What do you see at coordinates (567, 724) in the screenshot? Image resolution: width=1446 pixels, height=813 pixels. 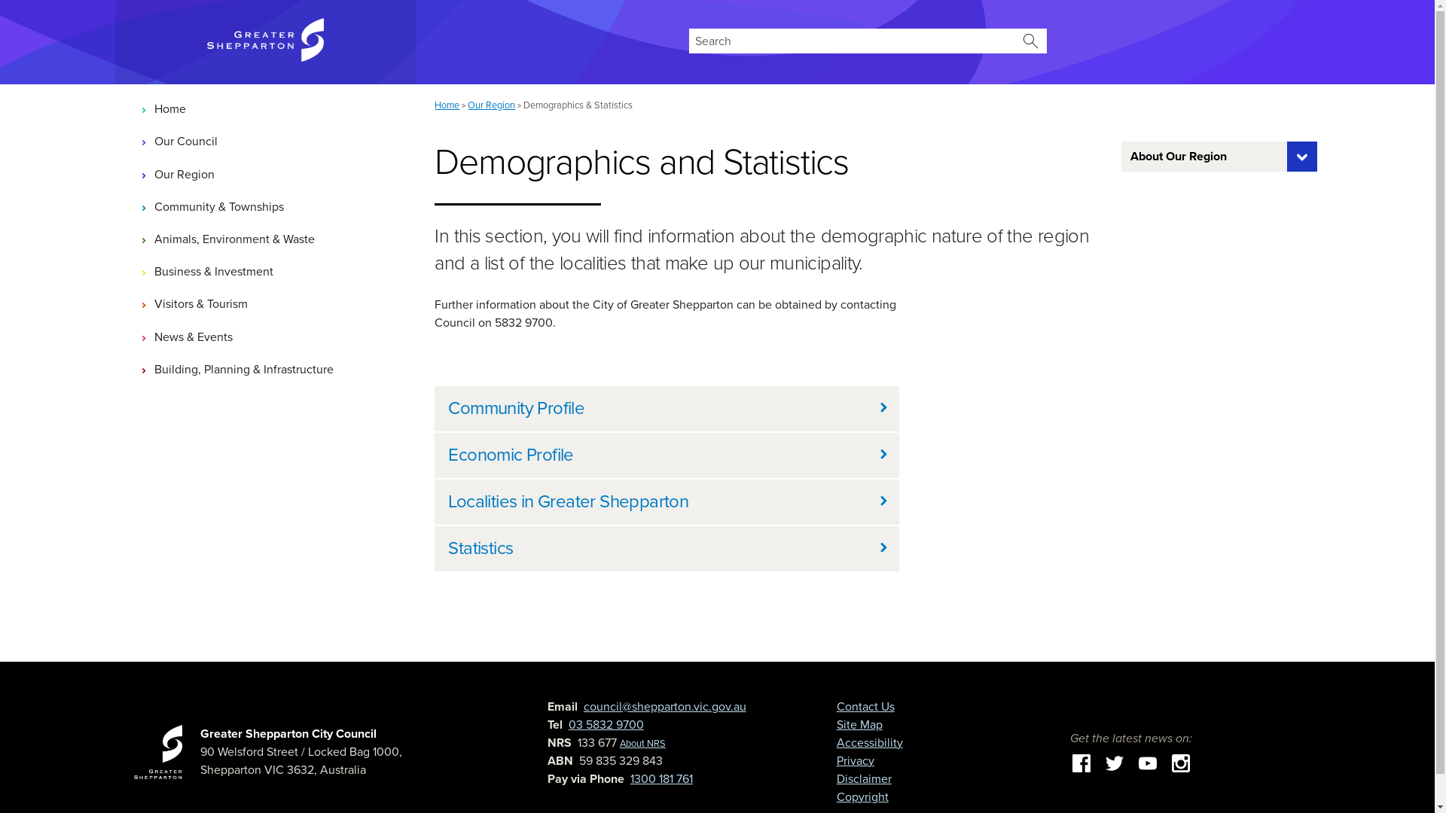 I see `'03 5832 9700'` at bounding box center [567, 724].